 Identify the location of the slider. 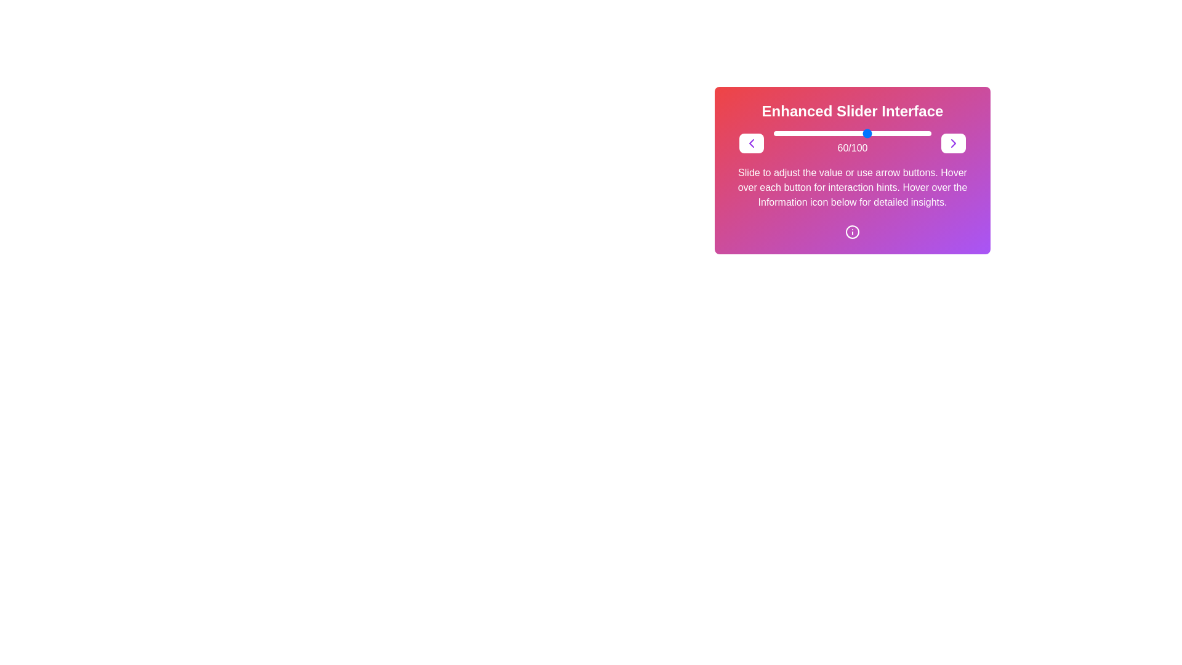
(928, 133).